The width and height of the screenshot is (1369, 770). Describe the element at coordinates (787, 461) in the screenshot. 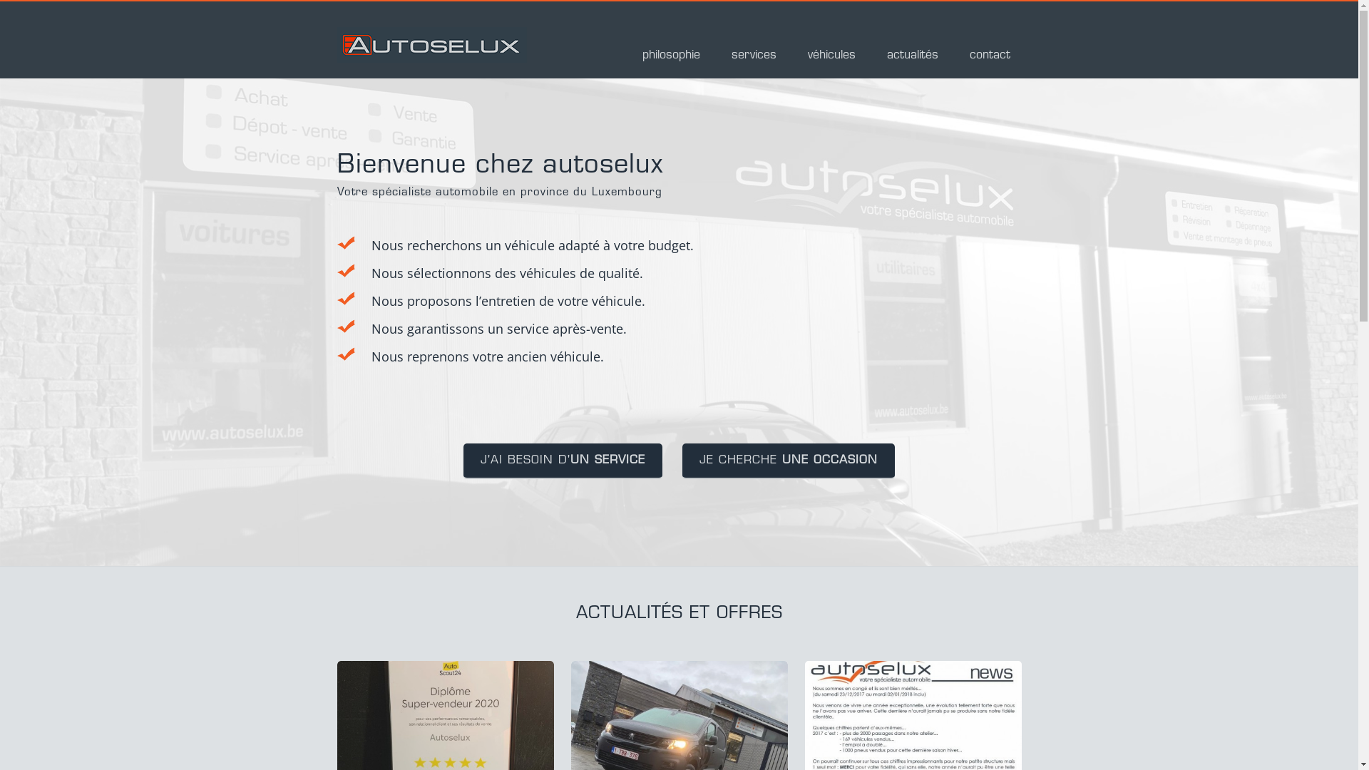

I see `'JE CHERCHE UNE OCCASION'` at that location.